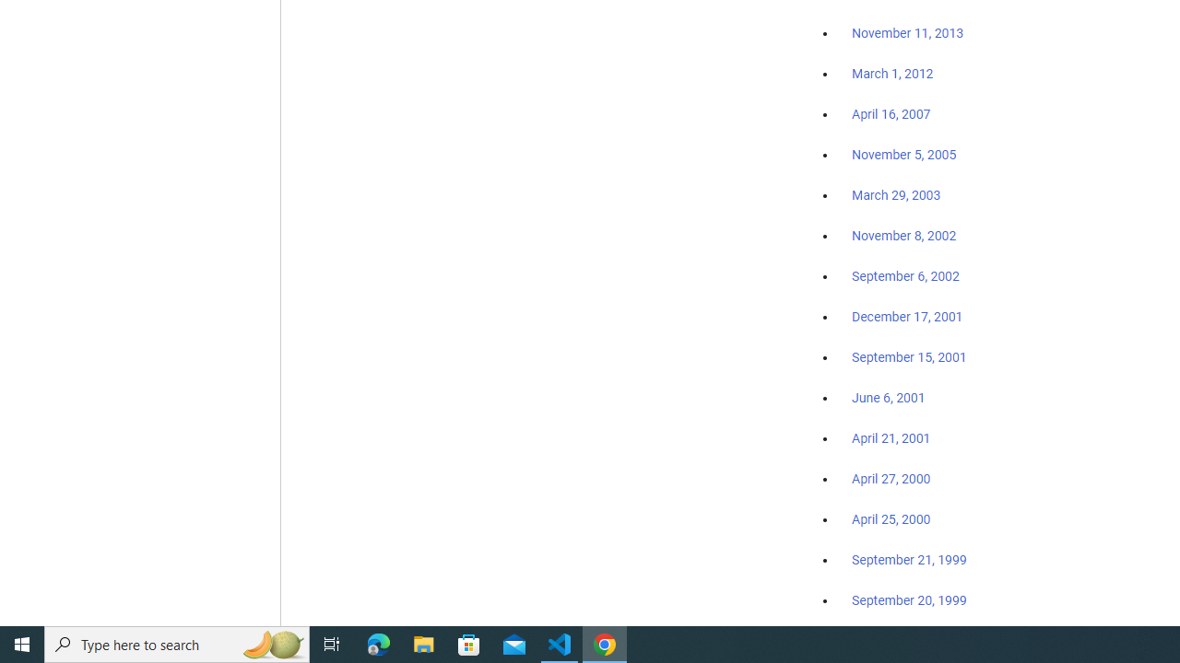 The image size is (1180, 663). What do you see at coordinates (909, 559) in the screenshot?
I see `'September 21, 1999'` at bounding box center [909, 559].